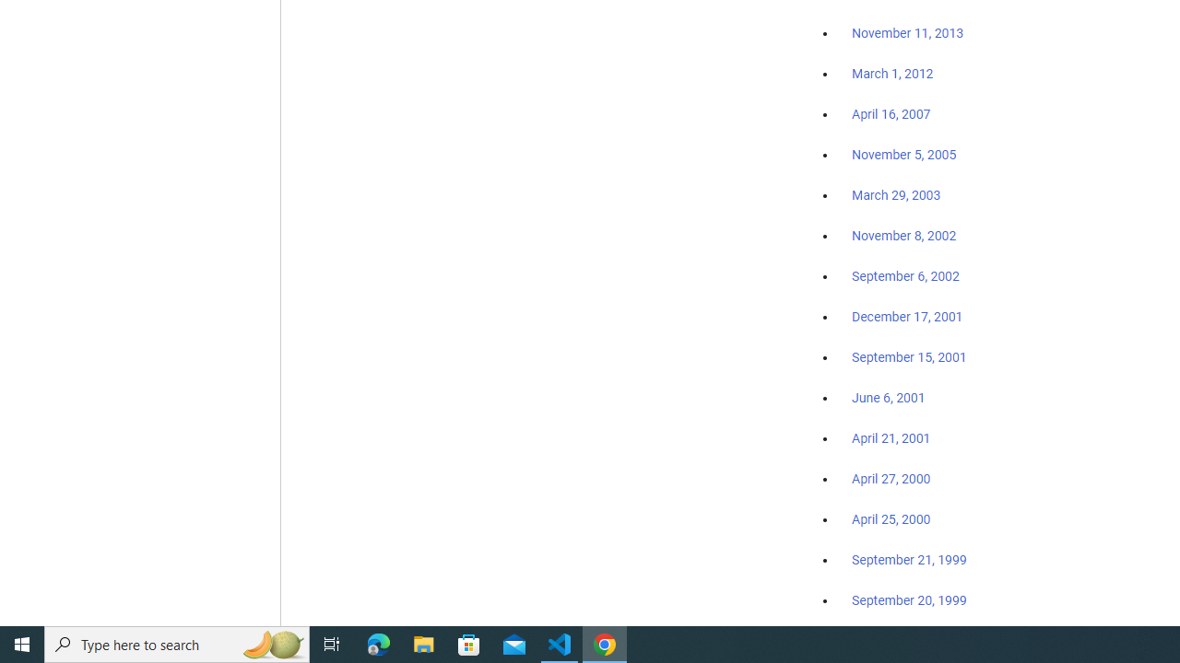 The image size is (1180, 663). What do you see at coordinates (909, 559) in the screenshot?
I see `'September 21, 1999'` at bounding box center [909, 559].